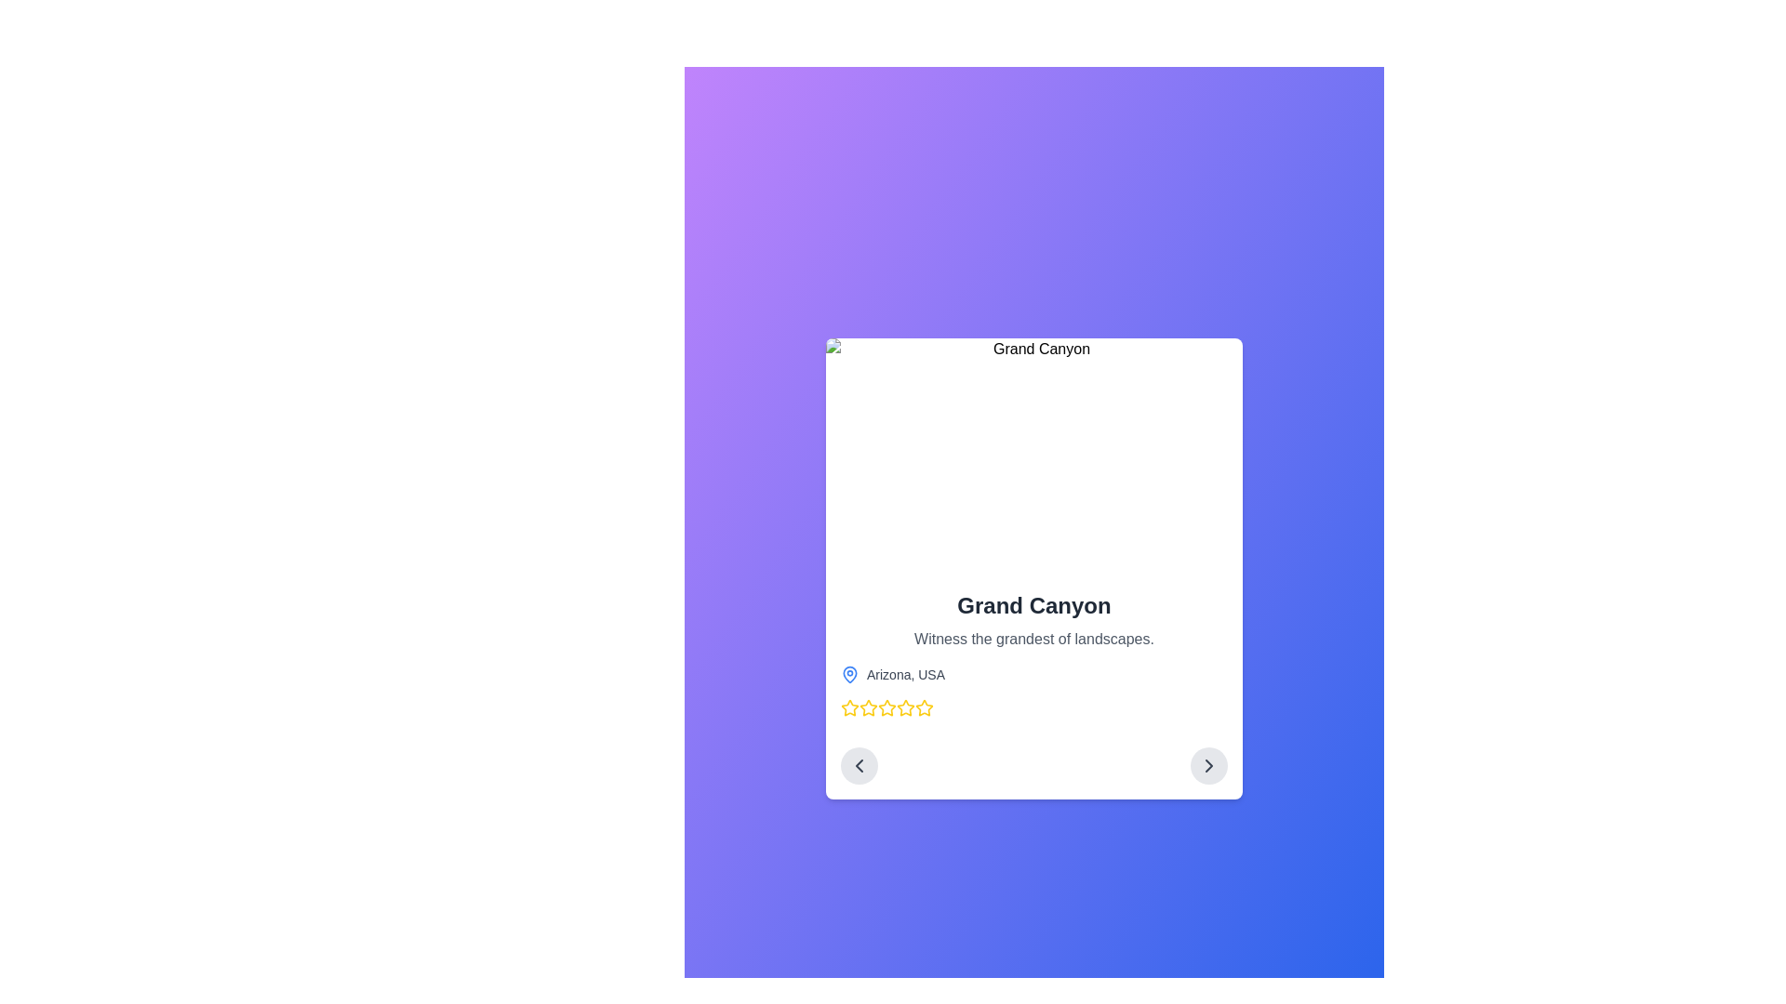 The height and width of the screenshot is (1004, 1786). Describe the element at coordinates (906, 708) in the screenshot. I see `the sixth star icon in the interactive rating system below the text 'Arizona, USA'` at that location.